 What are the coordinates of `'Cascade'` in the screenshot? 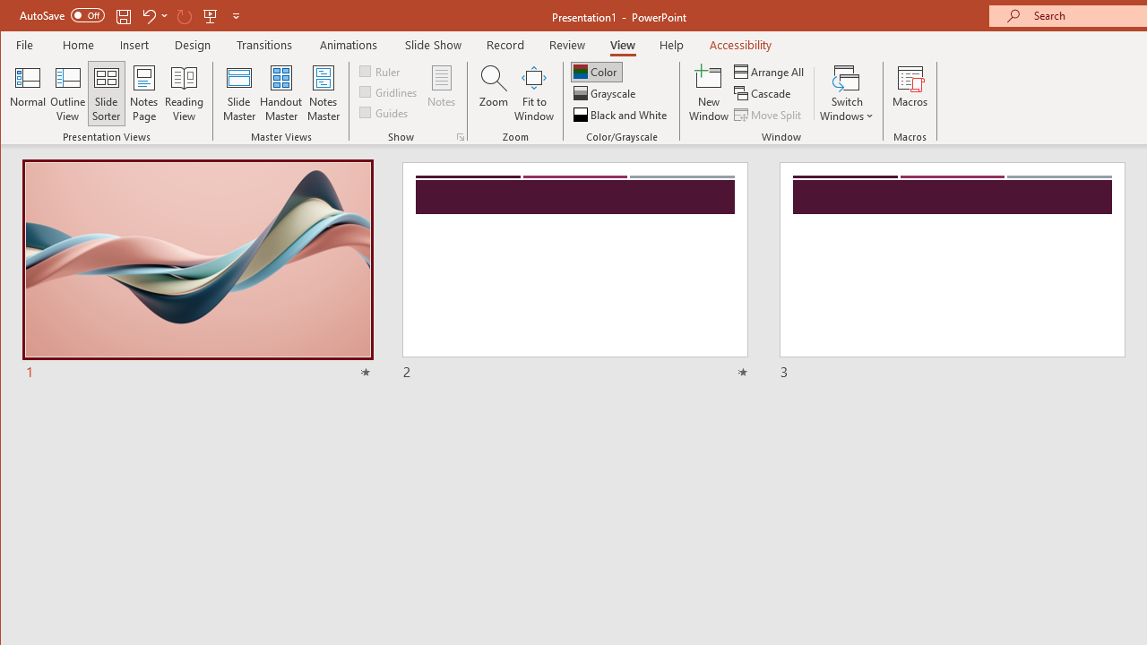 It's located at (764, 93).